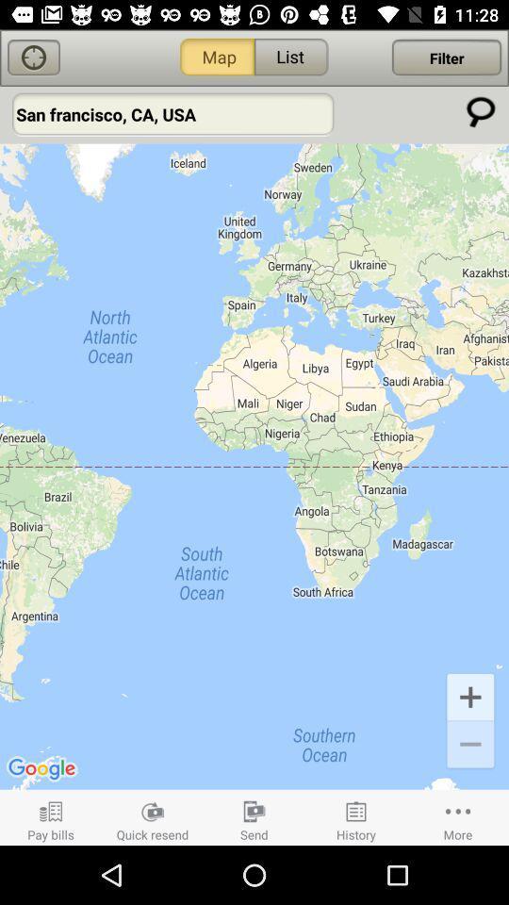  I want to click on the add icon, so click(469, 695).